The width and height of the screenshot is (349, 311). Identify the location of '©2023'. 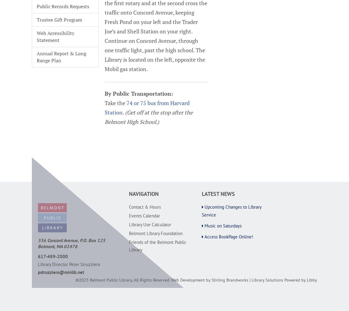
(75, 279).